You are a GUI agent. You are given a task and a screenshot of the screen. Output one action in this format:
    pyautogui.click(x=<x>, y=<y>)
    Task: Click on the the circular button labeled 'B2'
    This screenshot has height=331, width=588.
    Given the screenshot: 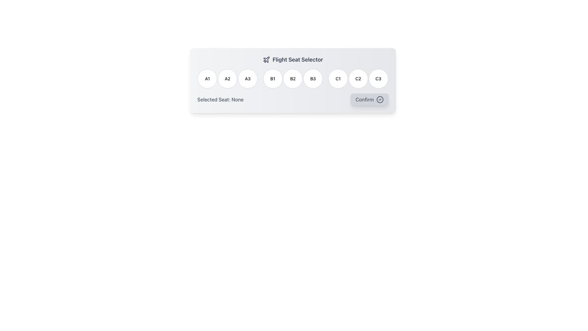 What is the action you would take?
    pyautogui.click(x=292, y=78)
    